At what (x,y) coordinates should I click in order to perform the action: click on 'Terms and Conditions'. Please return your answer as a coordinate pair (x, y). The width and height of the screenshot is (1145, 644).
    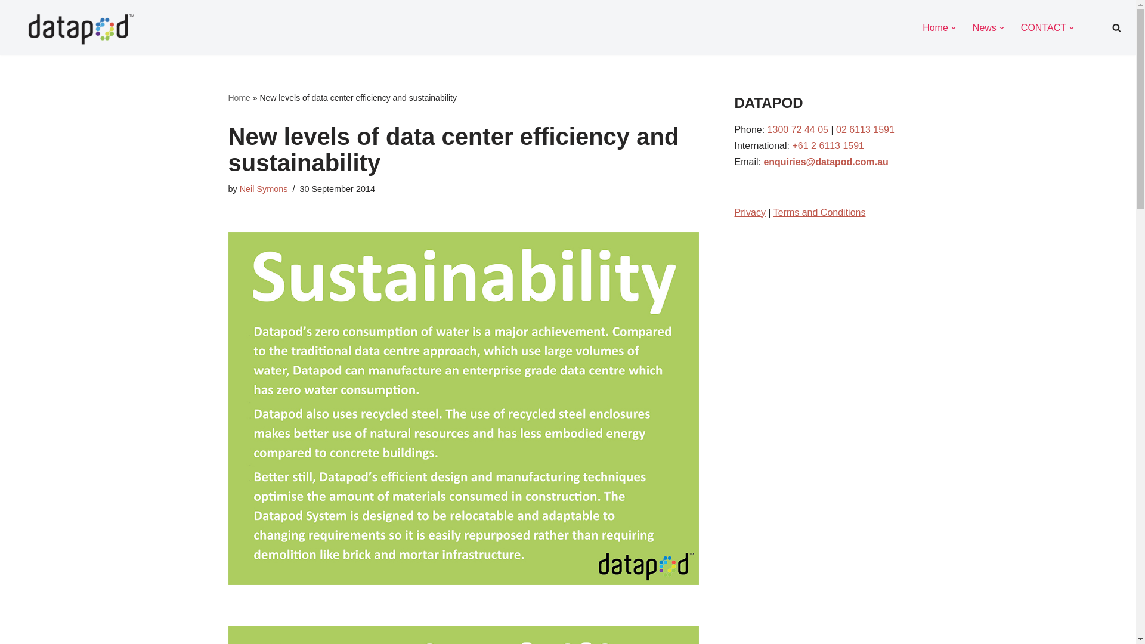
    Looking at the image, I should click on (819, 212).